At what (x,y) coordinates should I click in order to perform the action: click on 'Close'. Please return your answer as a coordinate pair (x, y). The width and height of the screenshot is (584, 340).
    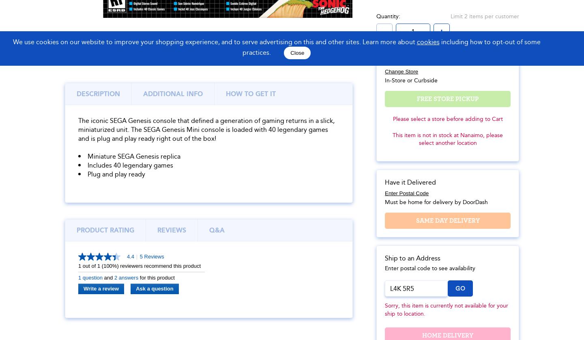
    Looking at the image, I should click on (296, 53).